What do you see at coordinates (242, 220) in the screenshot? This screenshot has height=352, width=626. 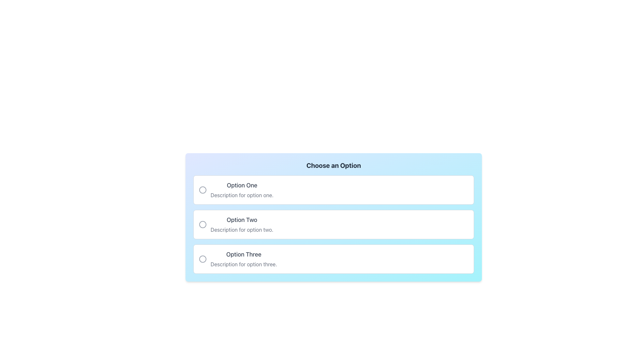 I see `the selection control related to the text label styled with medium, gray-colored typography located in the second row under 'Option Two.'` at bounding box center [242, 220].